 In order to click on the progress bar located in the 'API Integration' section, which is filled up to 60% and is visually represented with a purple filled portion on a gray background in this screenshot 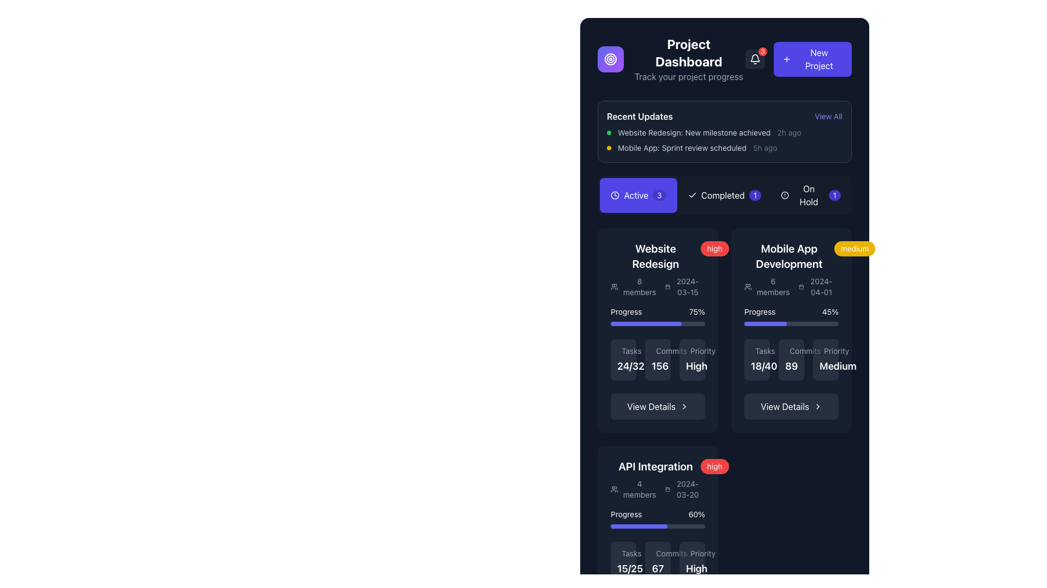, I will do `click(639, 526)`.